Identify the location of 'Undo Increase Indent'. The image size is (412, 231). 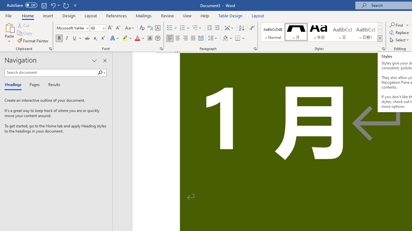
(55, 5).